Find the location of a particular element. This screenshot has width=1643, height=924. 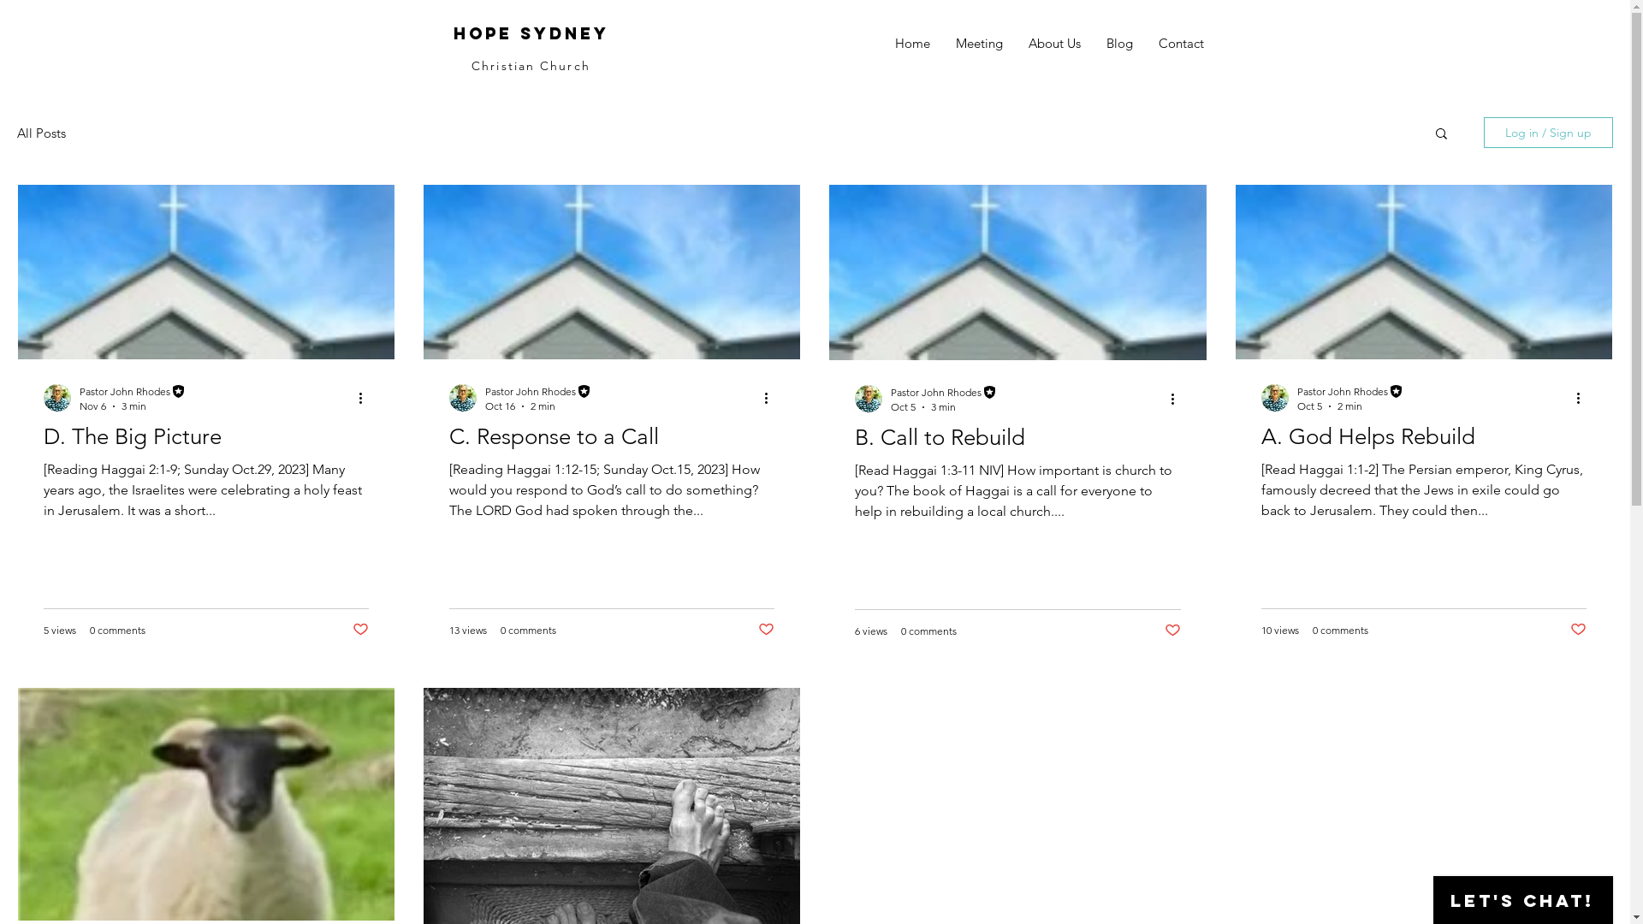

'Contact' is located at coordinates (1145, 42).